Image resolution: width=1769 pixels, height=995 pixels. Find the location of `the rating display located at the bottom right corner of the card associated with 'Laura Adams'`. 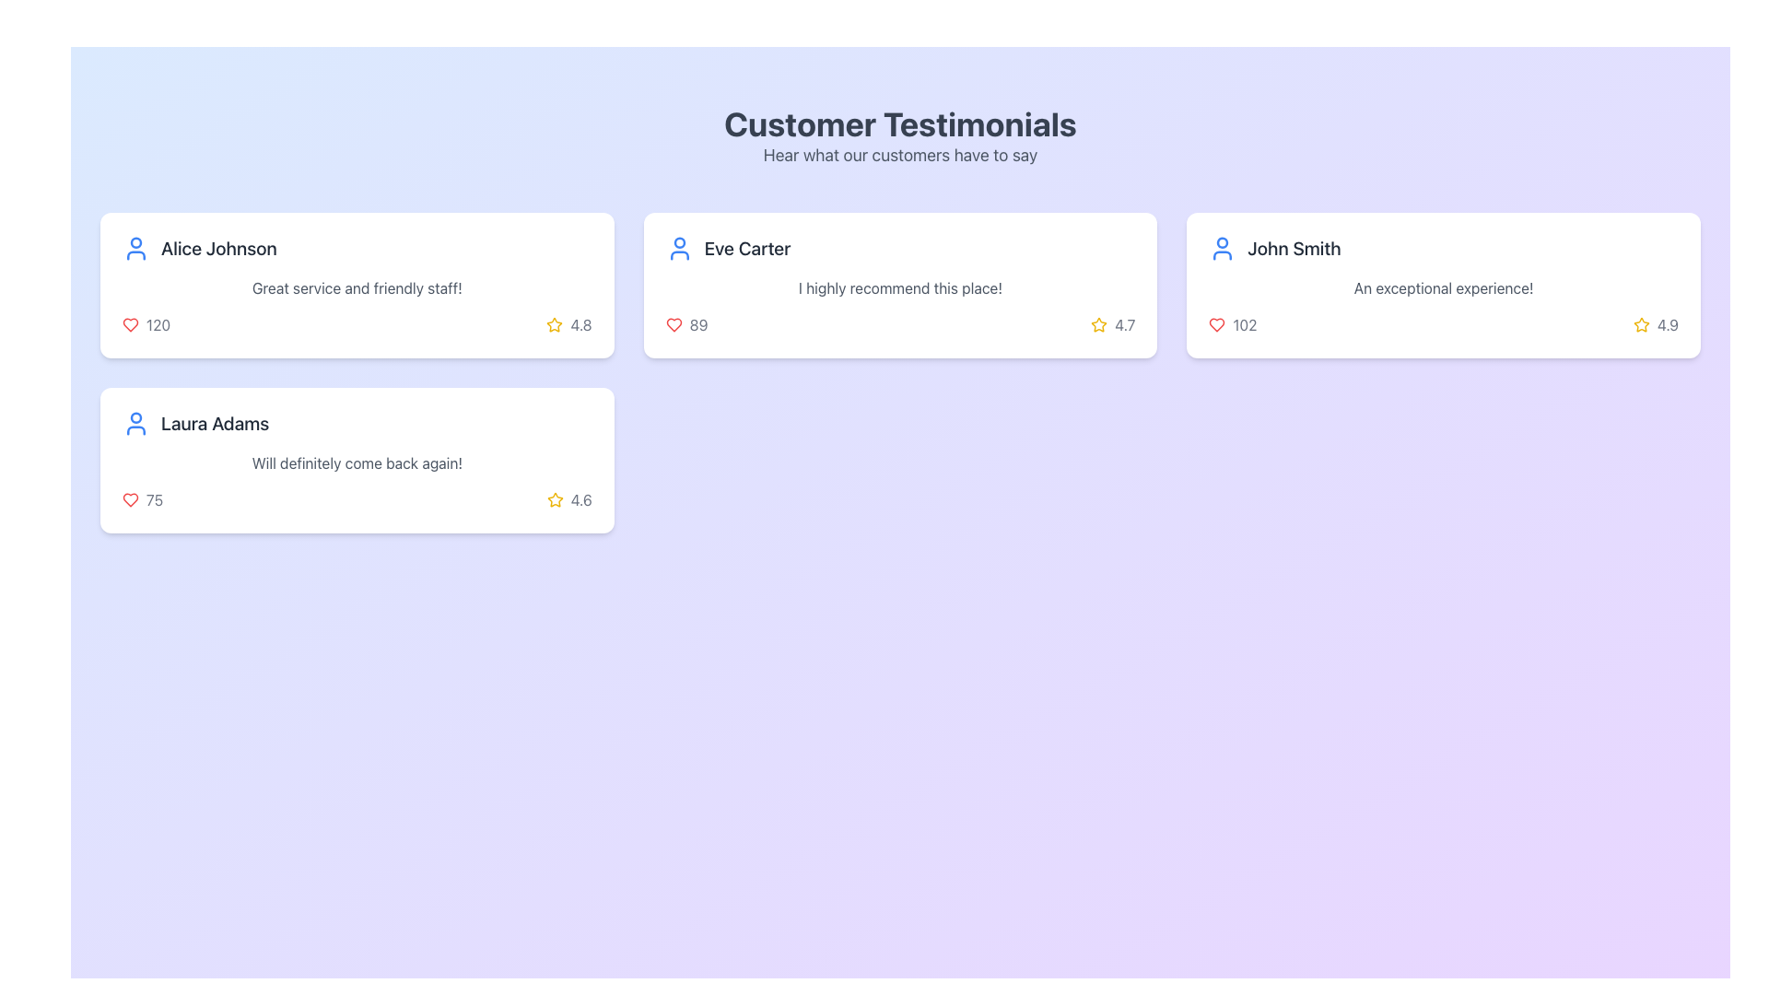

the rating display located at the bottom right corner of the card associated with 'Laura Adams' is located at coordinates (568, 500).